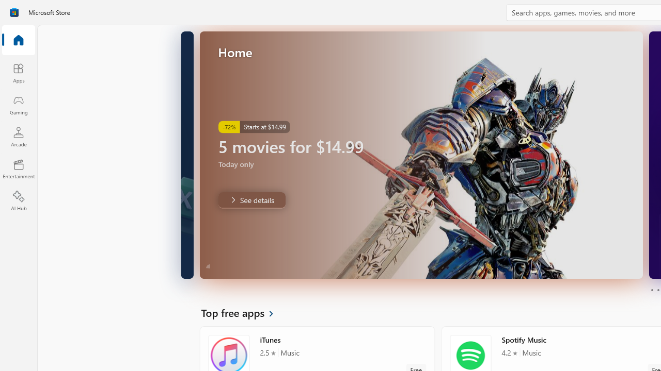  Describe the element at coordinates (18, 40) in the screenshot. I see `'Home'` at that location.